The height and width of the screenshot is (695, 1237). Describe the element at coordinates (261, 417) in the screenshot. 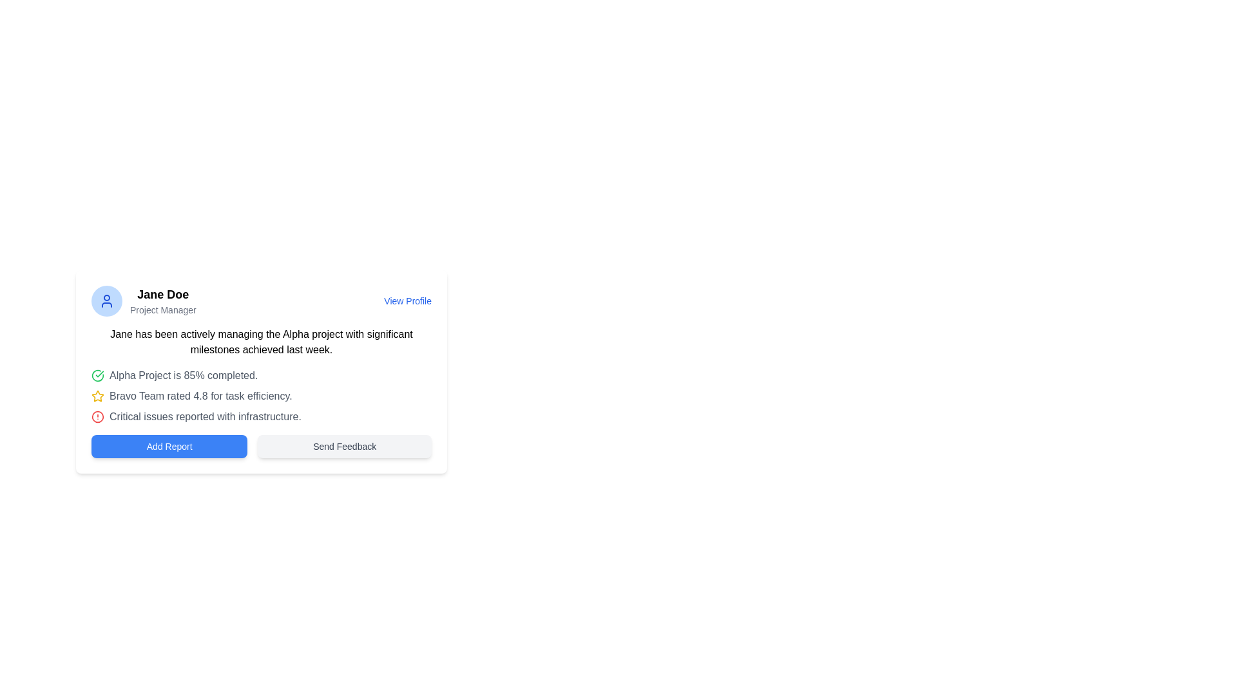

I see `informational text that indicates a critical issue regarding infrastructure, located at the bottom of the list under the heading, following the completion status of the Alpha Project and the rating of the Bravo Team` at that location.